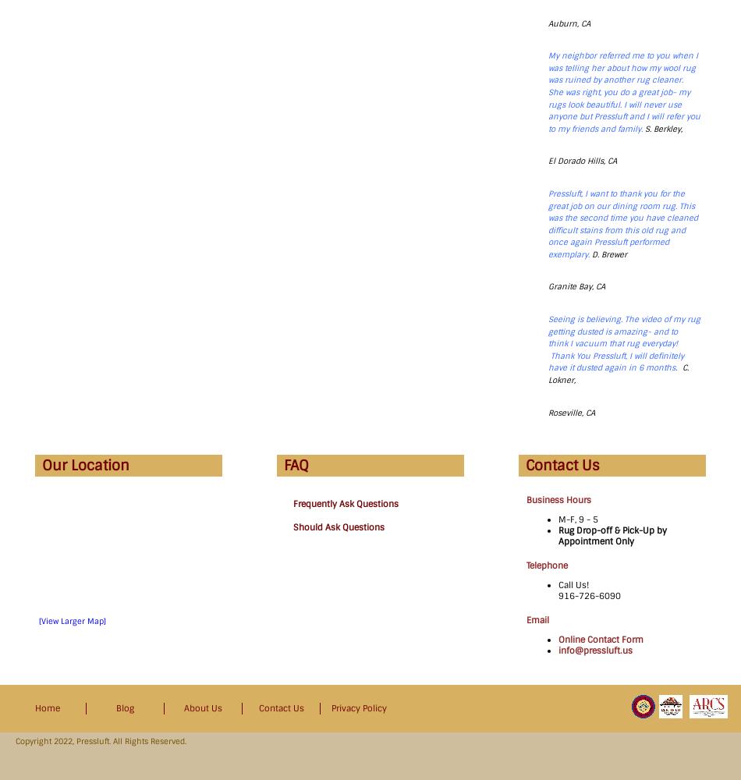  Describe the element at coordinates (537, 620) in the screenshot. I see `'Email'` at that location.